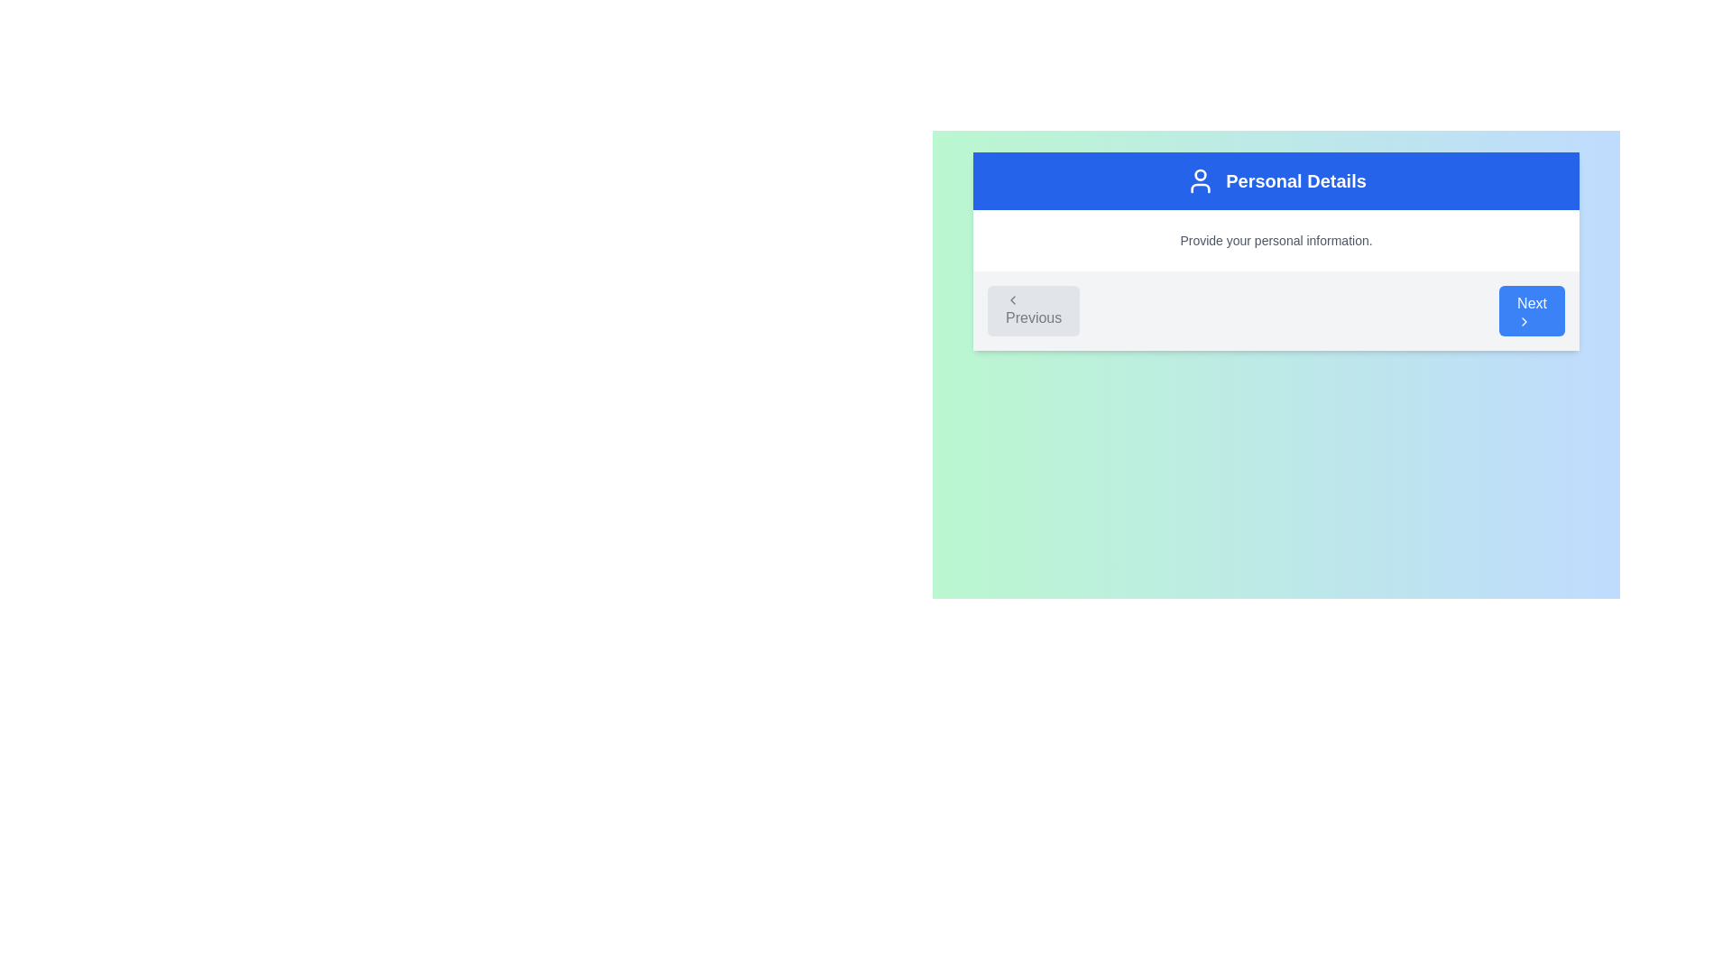  Describe the element at coordinates (1276, 239) in the screenshot. I see `text label displaying 'Provide your personal information.' located beneath the blue header 'Personal Details'` at that location.